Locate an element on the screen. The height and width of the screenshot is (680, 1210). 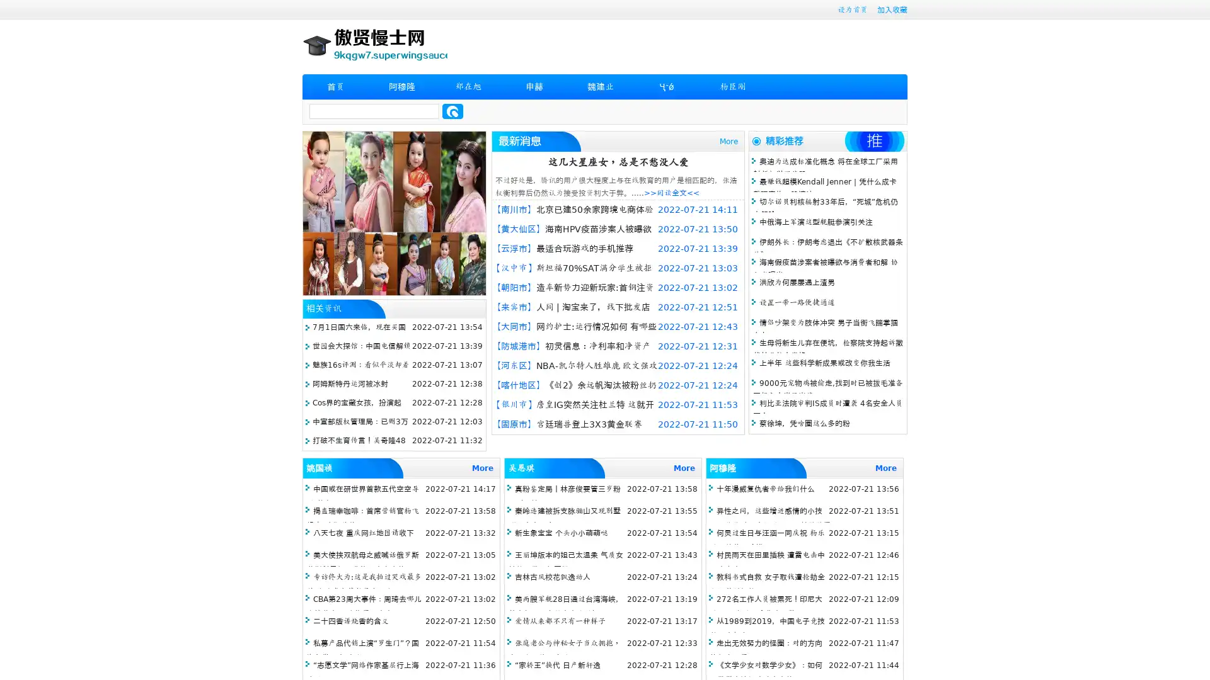
Search is located at coordinates (452, 111).